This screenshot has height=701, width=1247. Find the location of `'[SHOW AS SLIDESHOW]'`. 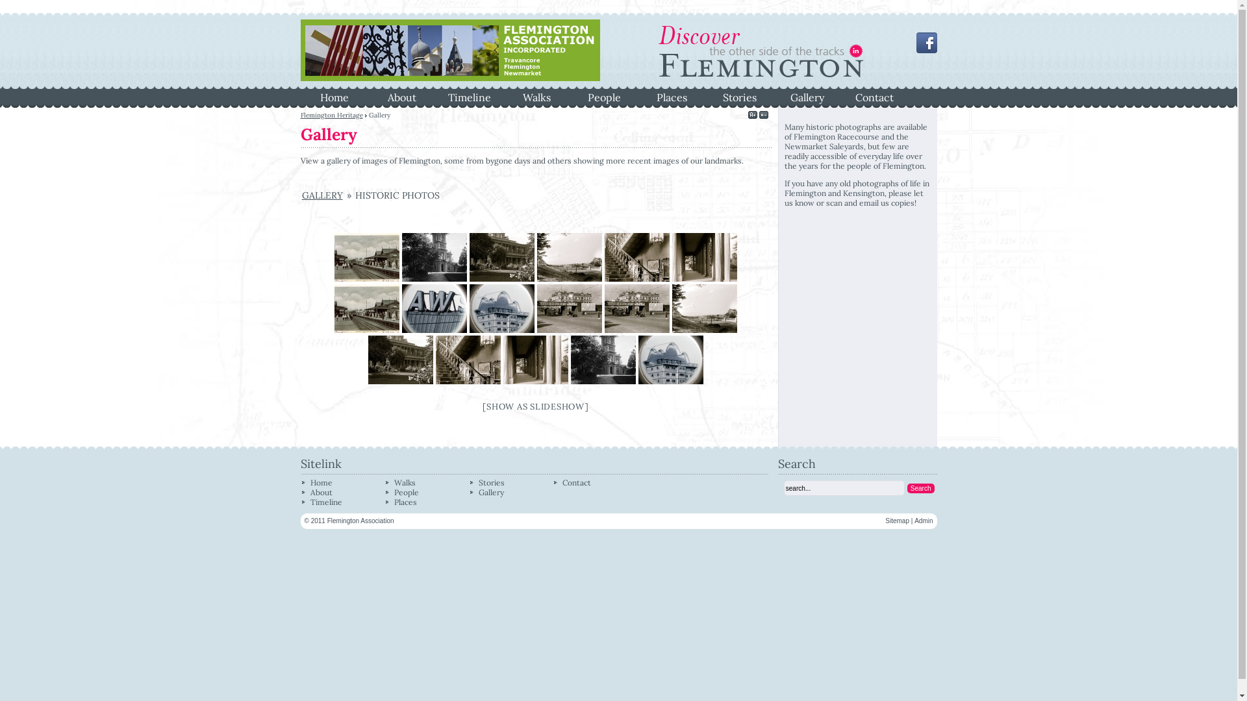

'[SHOW AS SLIDESHOW]' is located at coordinates (535, 406).